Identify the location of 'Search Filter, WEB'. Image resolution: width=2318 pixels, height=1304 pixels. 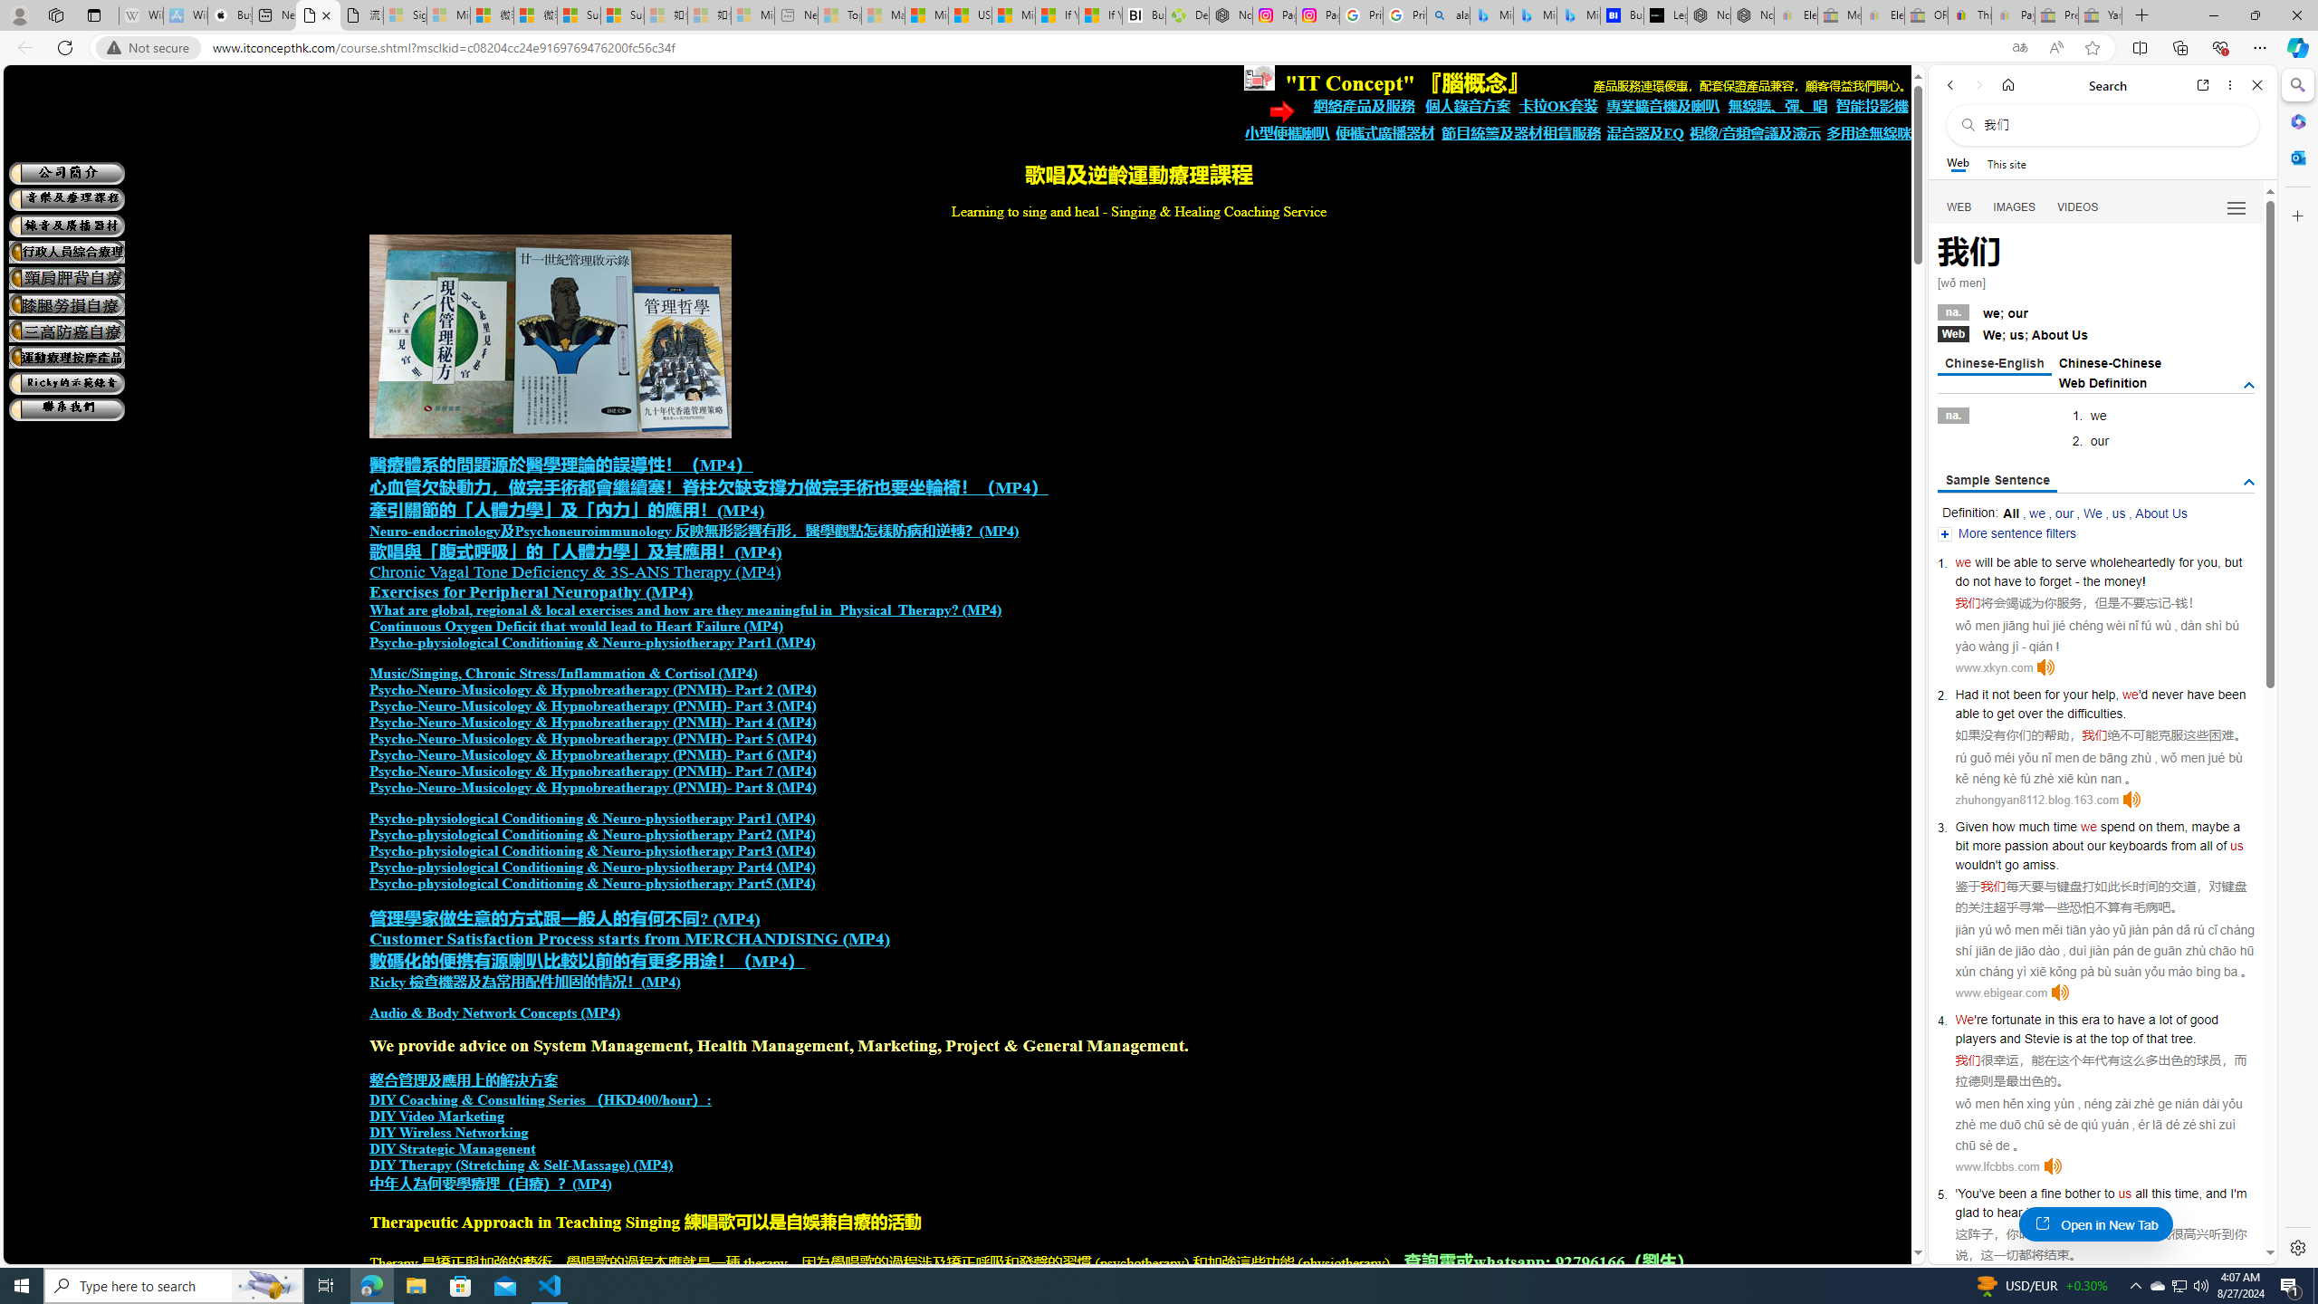
(1959, 206).